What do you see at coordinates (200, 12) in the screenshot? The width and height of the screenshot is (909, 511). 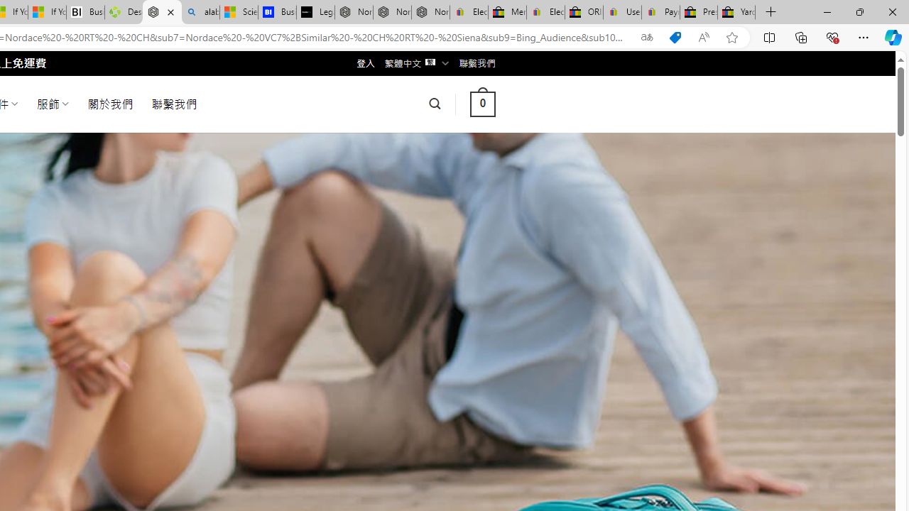 I see `'alabama high school quarterback dies - Search'` at bounding box center [200, 12].